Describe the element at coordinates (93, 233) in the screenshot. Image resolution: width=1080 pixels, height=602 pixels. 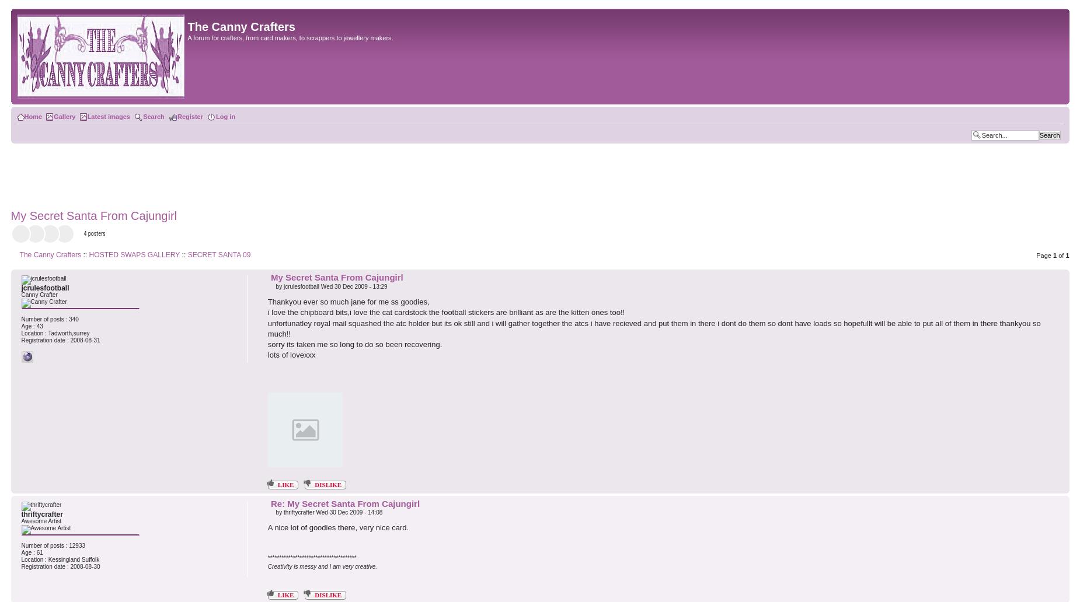
I see `'4 posters'` at that location.